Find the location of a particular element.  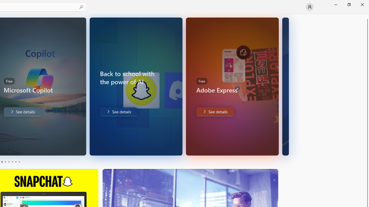

'Restore Microsoft Store' is located at coordinates (349, 4).